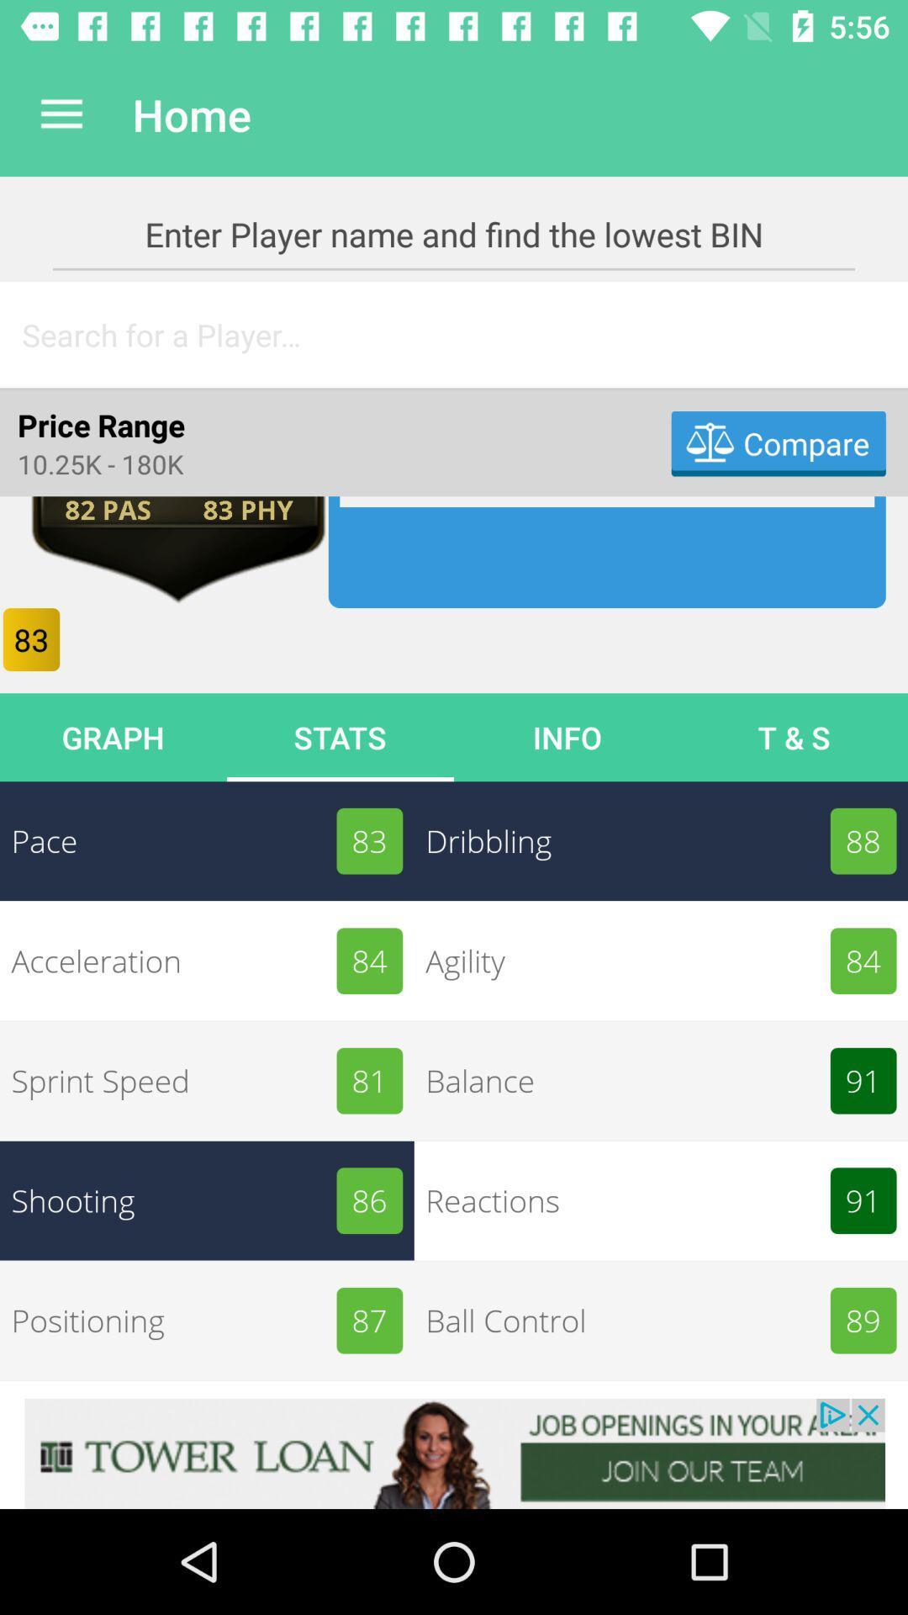 The image size is (908, 1615). I want to click on advertisements, so click(454, 1453).